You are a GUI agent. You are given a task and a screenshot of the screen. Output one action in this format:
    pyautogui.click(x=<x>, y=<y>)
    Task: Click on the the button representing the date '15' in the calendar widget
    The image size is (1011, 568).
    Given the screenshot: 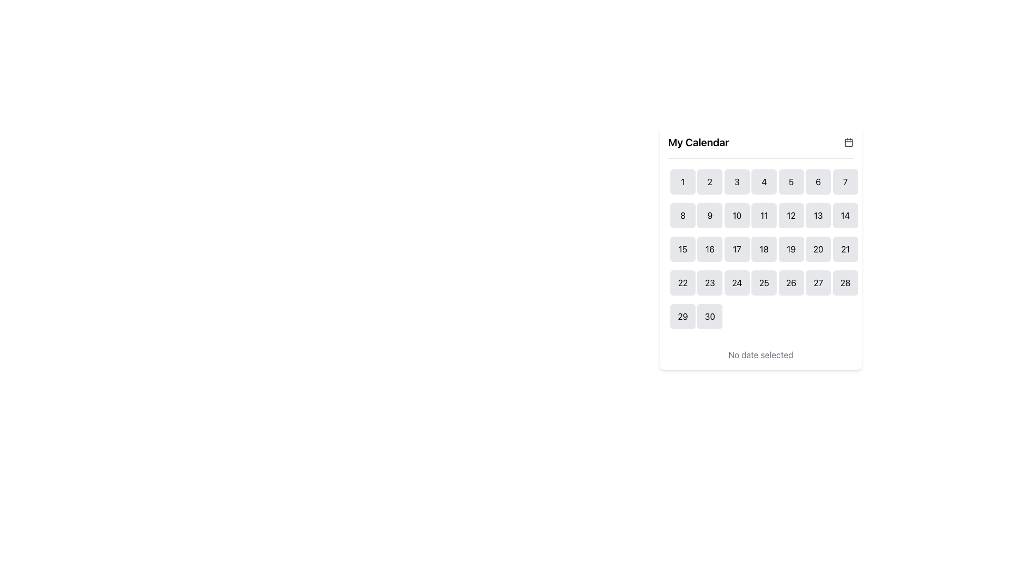 What is the action you would take?
    pyautogui.click(x=682, y=249)
    